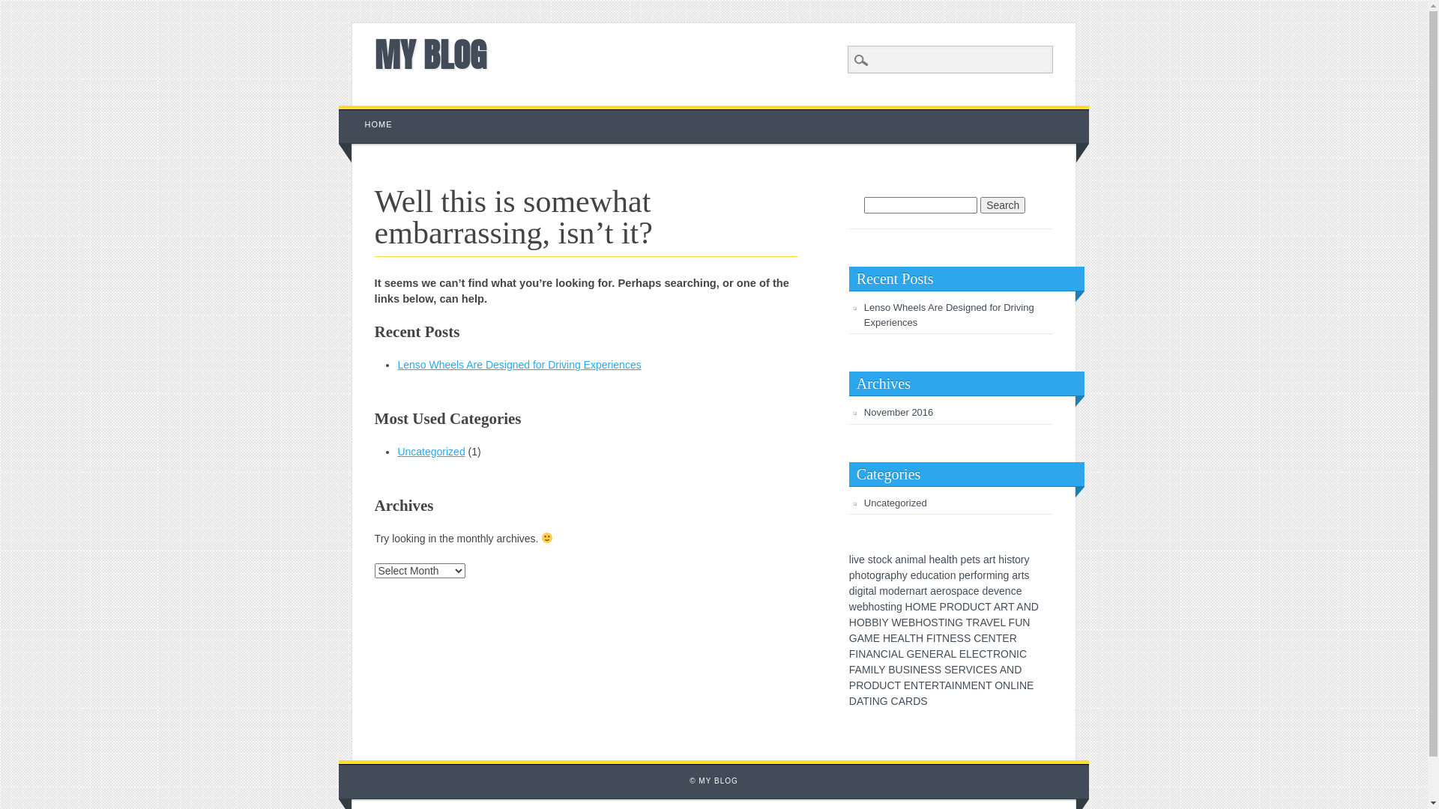 This screenshot has height=809, width=1439. I want to click on 'o', so click(876, 560).